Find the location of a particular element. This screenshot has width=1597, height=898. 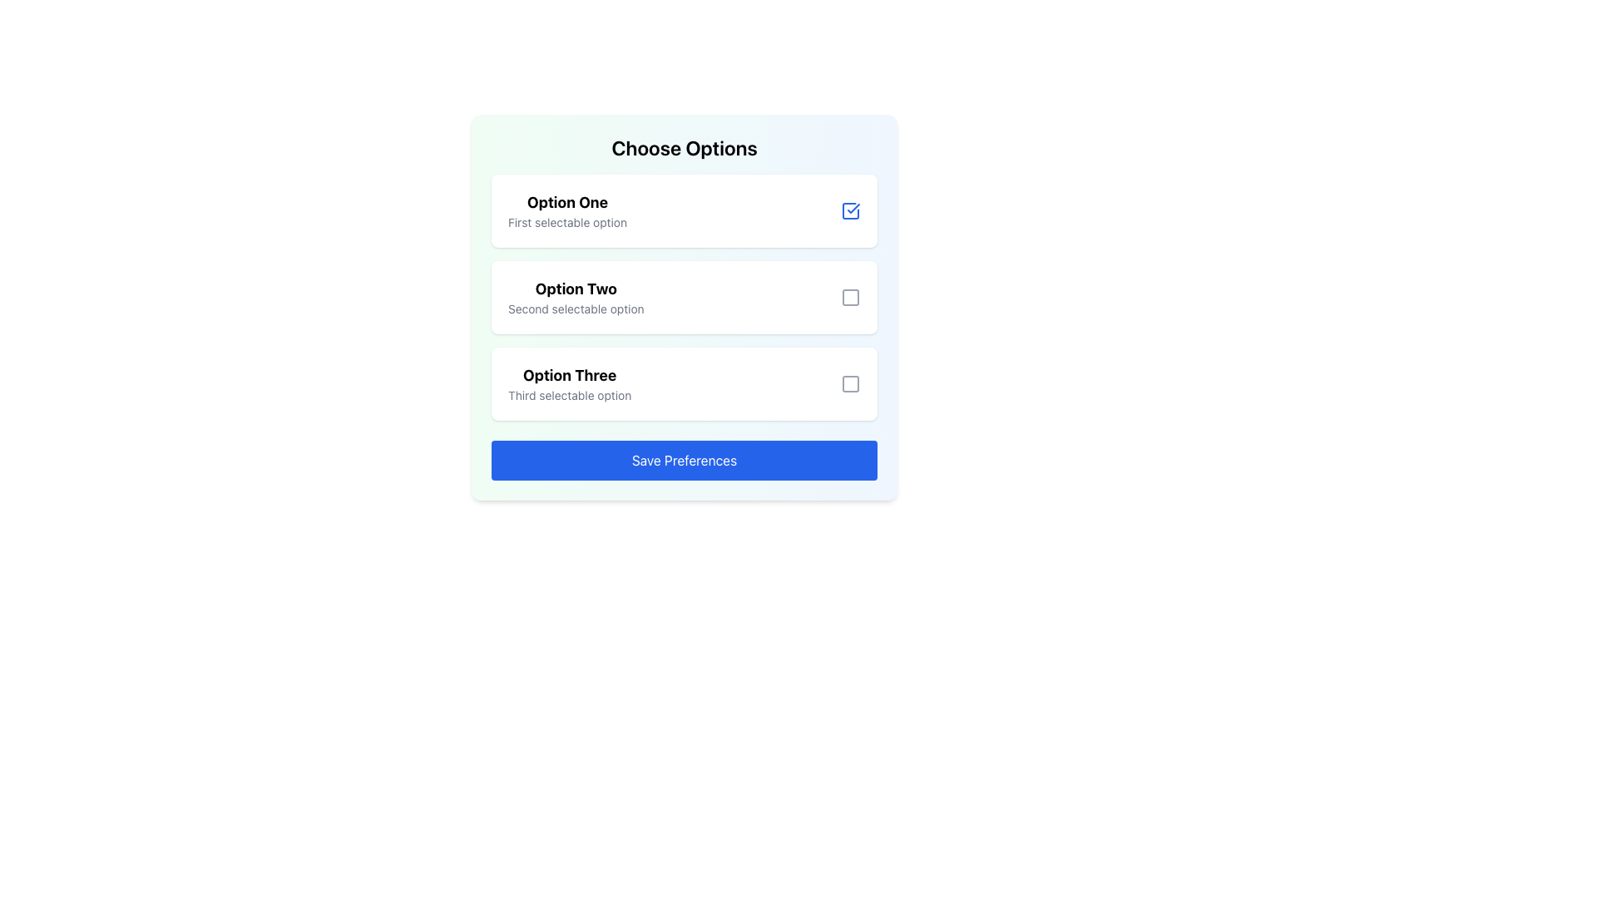

the blue checkmark icon that indicates the selected state for 'Option One', located to the right of the text is located at coordinates (850, 210).